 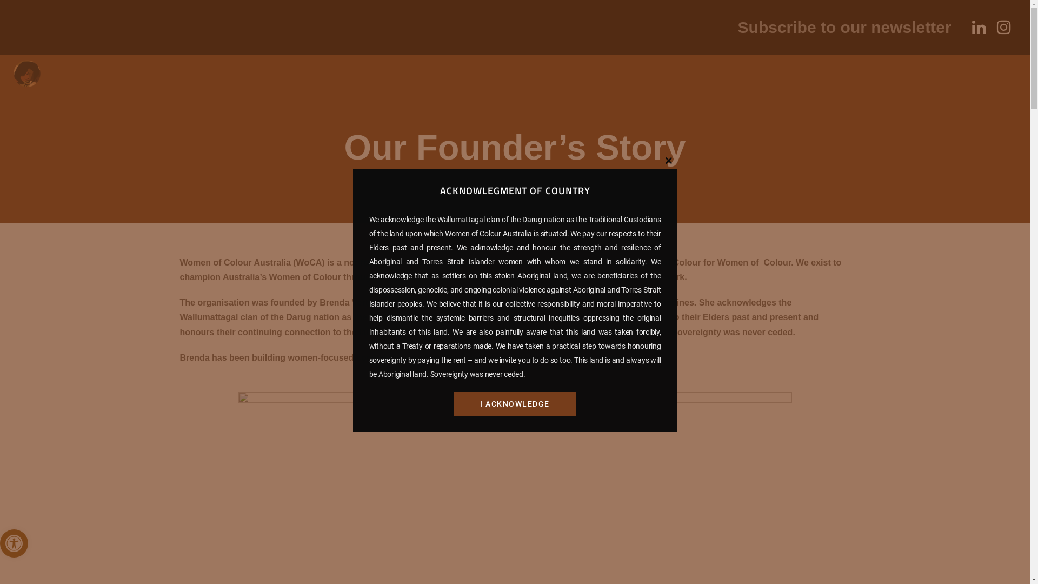 I want to click on 'WOC-Logo-Trans-1000x1000px', so click(x=26, y=73).